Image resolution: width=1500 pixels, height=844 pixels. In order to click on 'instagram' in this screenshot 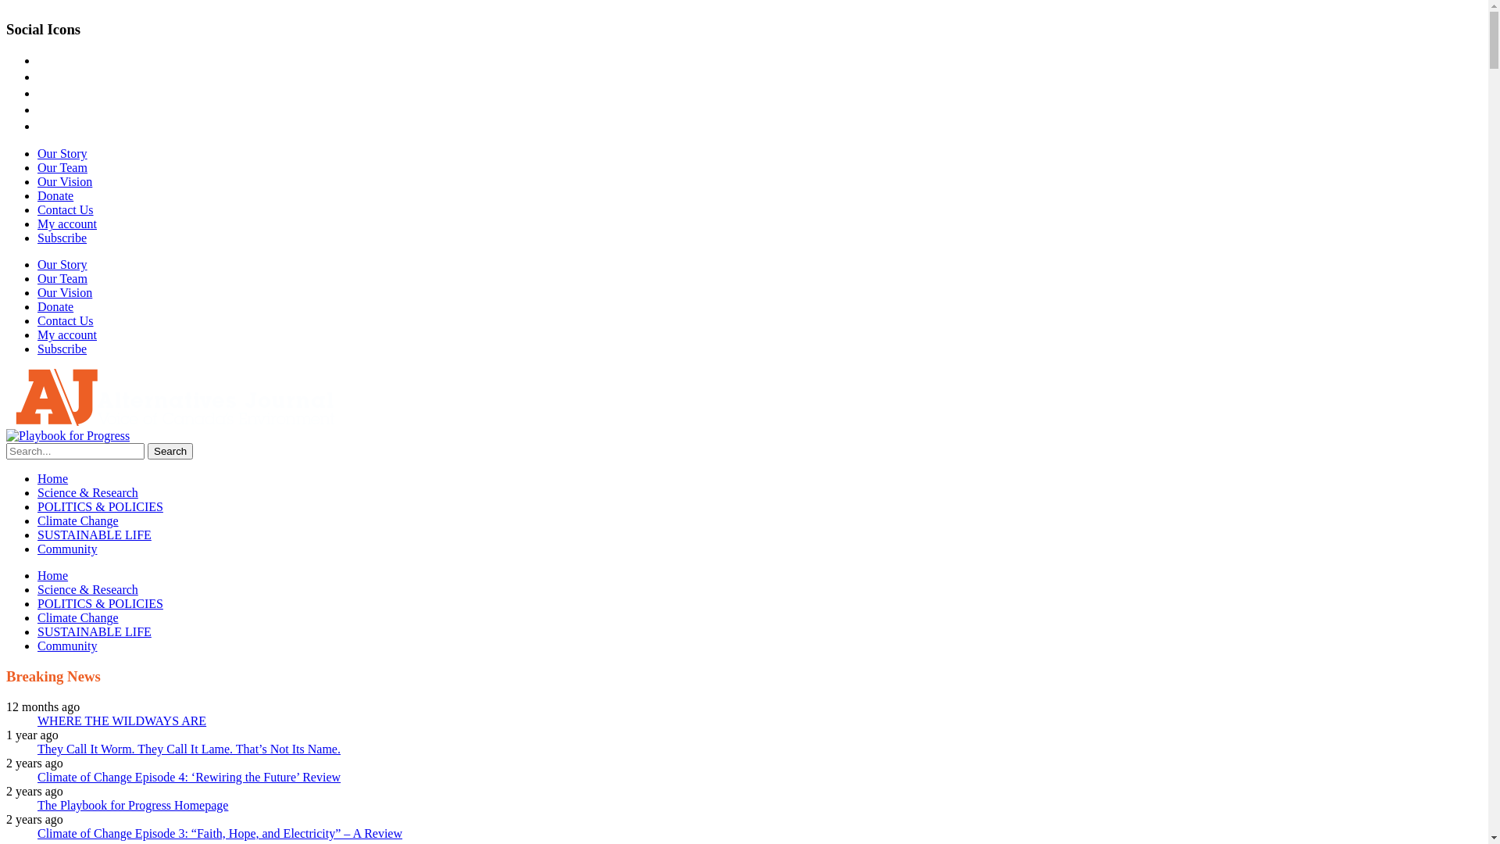, I will do `click(44, 77)`.